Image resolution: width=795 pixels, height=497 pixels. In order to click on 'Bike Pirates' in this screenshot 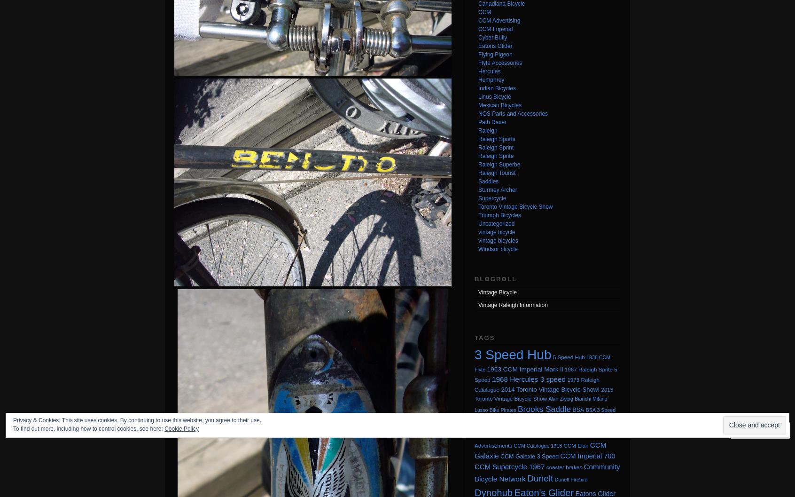, I will do `click(502, 409)`.